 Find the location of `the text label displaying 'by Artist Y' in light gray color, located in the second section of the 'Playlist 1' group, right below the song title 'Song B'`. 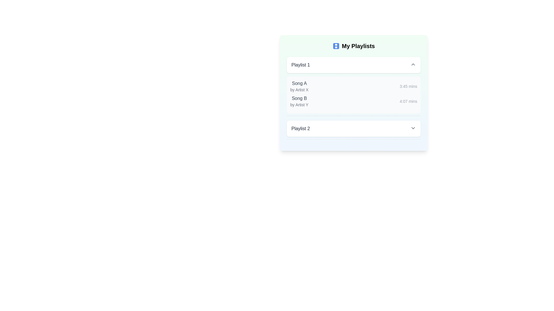

the text label displaying 'by Artist Y' in light gray color, located in the second section of the 'Playlist 1' group, right below the song title 'Song B' is located at coordinates (299, 105).